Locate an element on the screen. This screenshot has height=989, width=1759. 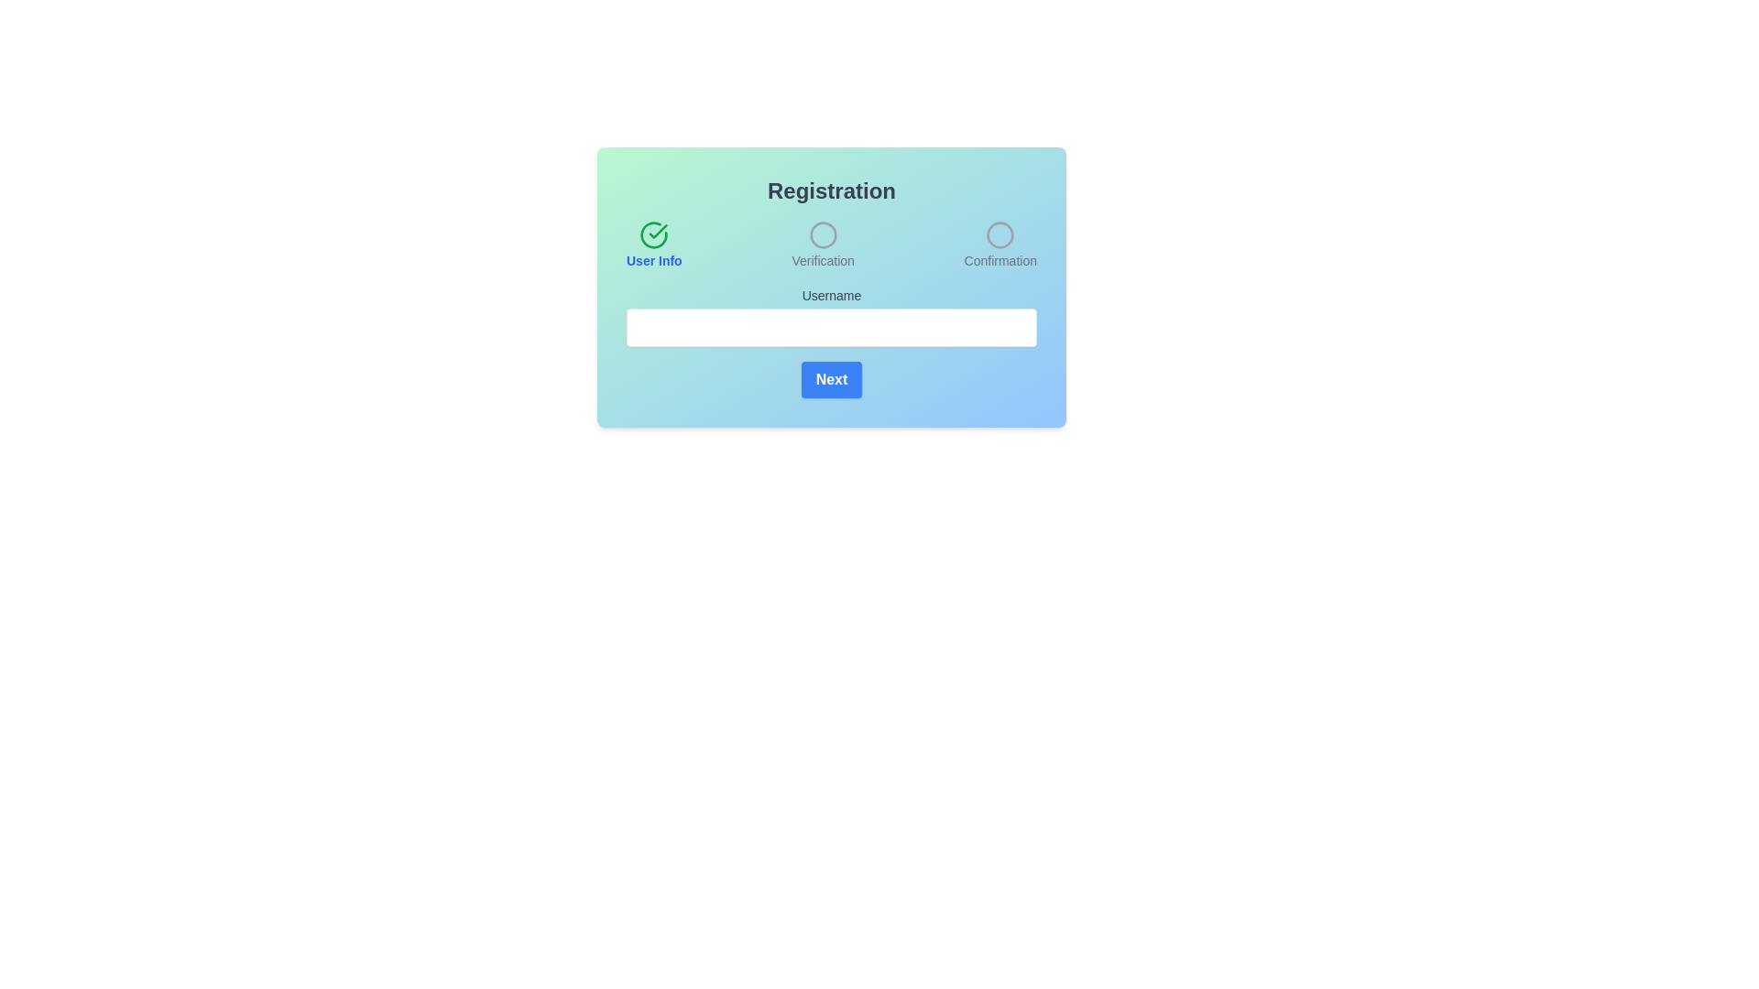
the 'Next' button with a blue background and white bold text, positioned below the 'Username' text field, to focus on it using the keyboard is located at coordinates (830, 379).